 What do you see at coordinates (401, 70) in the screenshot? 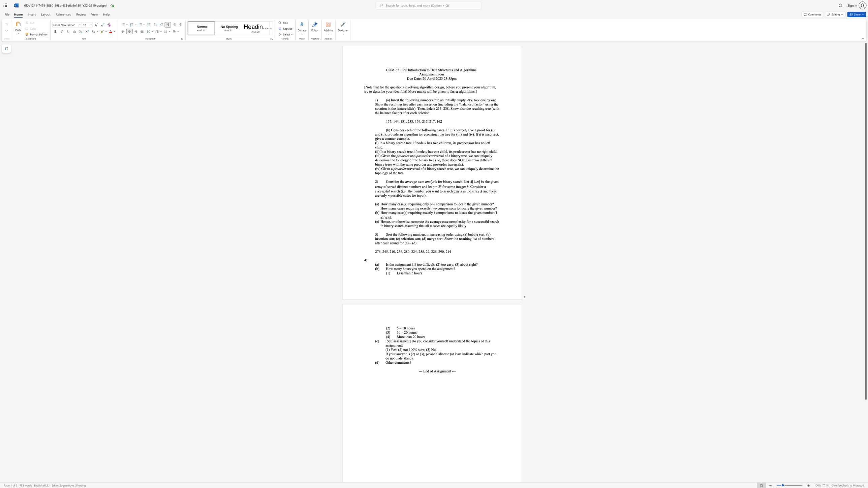
I see `the subset text "19C Introduction to Data" within the text "COMP 2119C Introduction to Data Structures and Algorithms"` at bounding box center [401, 70].